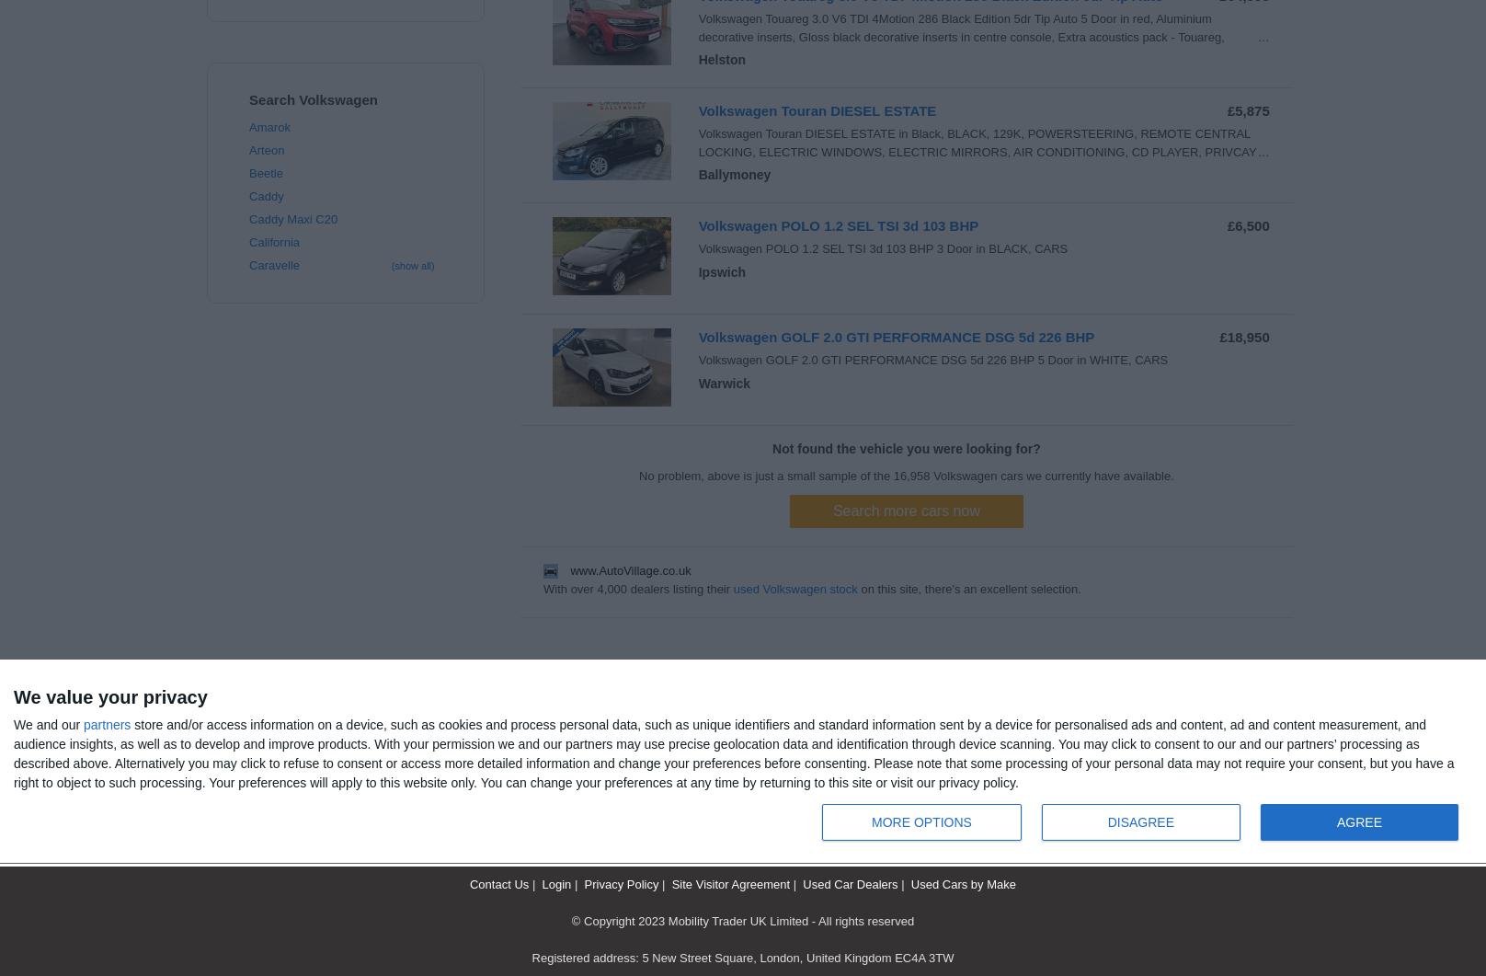  Describe the element at coordinates (274, 241) in the screenshot. I see `'California'` at that location.